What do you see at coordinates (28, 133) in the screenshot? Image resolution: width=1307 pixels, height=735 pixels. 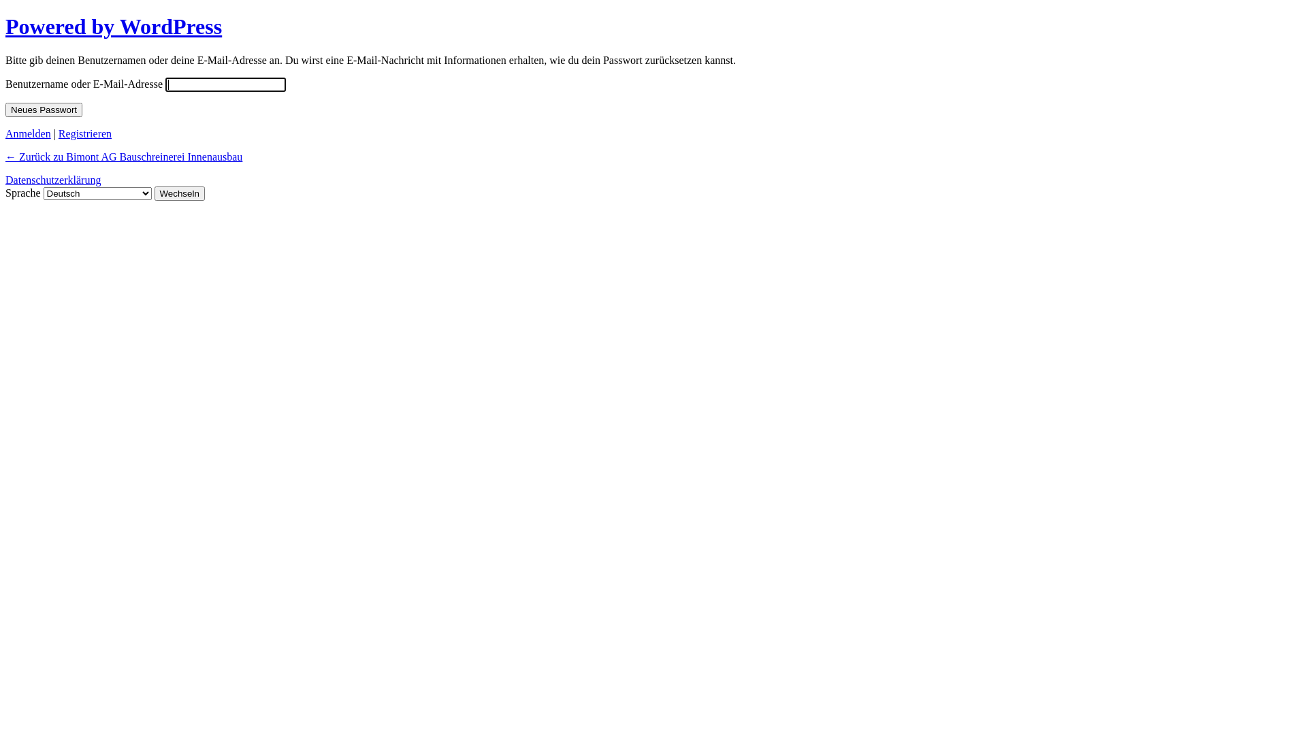 I see `'Anmelden'` at bounding box center [28, 133].